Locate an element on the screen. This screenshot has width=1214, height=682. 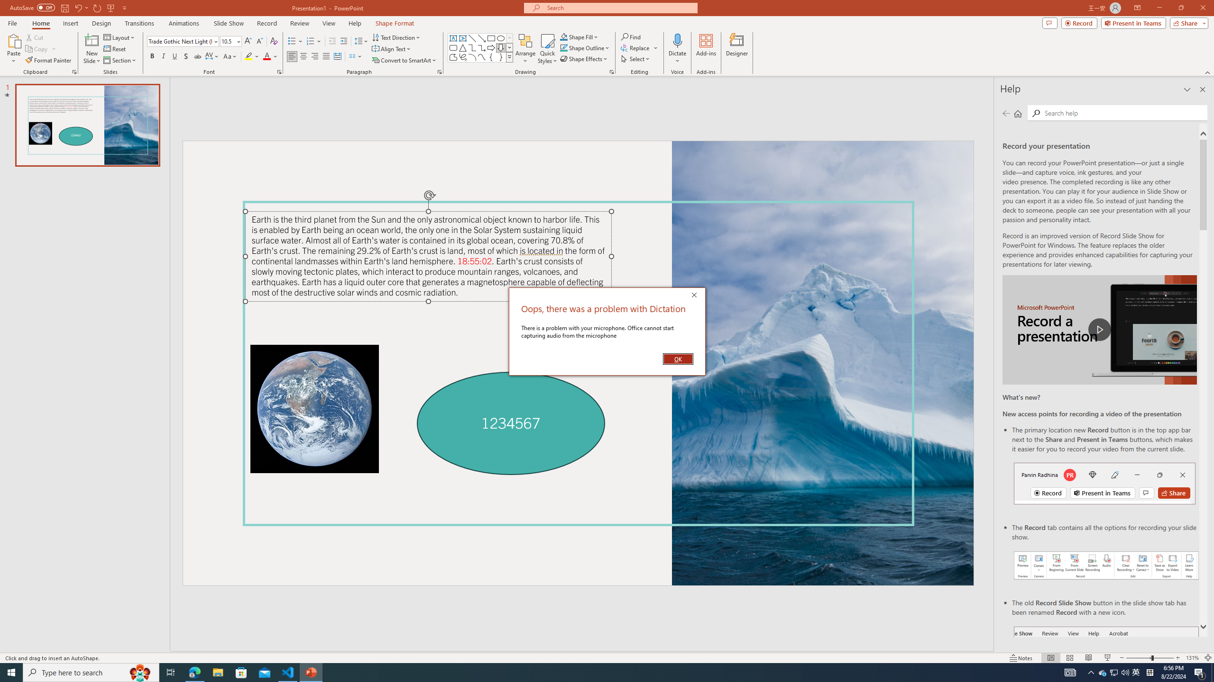
'Line' is located at coordinates (471, 38).